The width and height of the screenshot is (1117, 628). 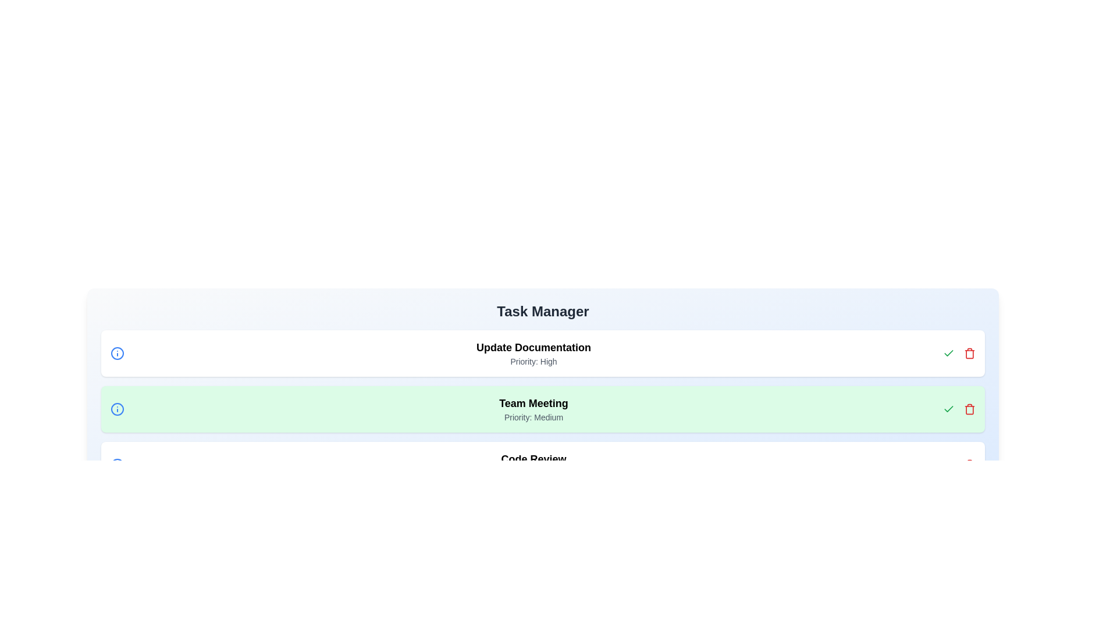 What do you see at coordinates (117, 353) in the screenshot?
I see `the information icon for the task 'Update Documentation'` at bounding box center [117, 353].